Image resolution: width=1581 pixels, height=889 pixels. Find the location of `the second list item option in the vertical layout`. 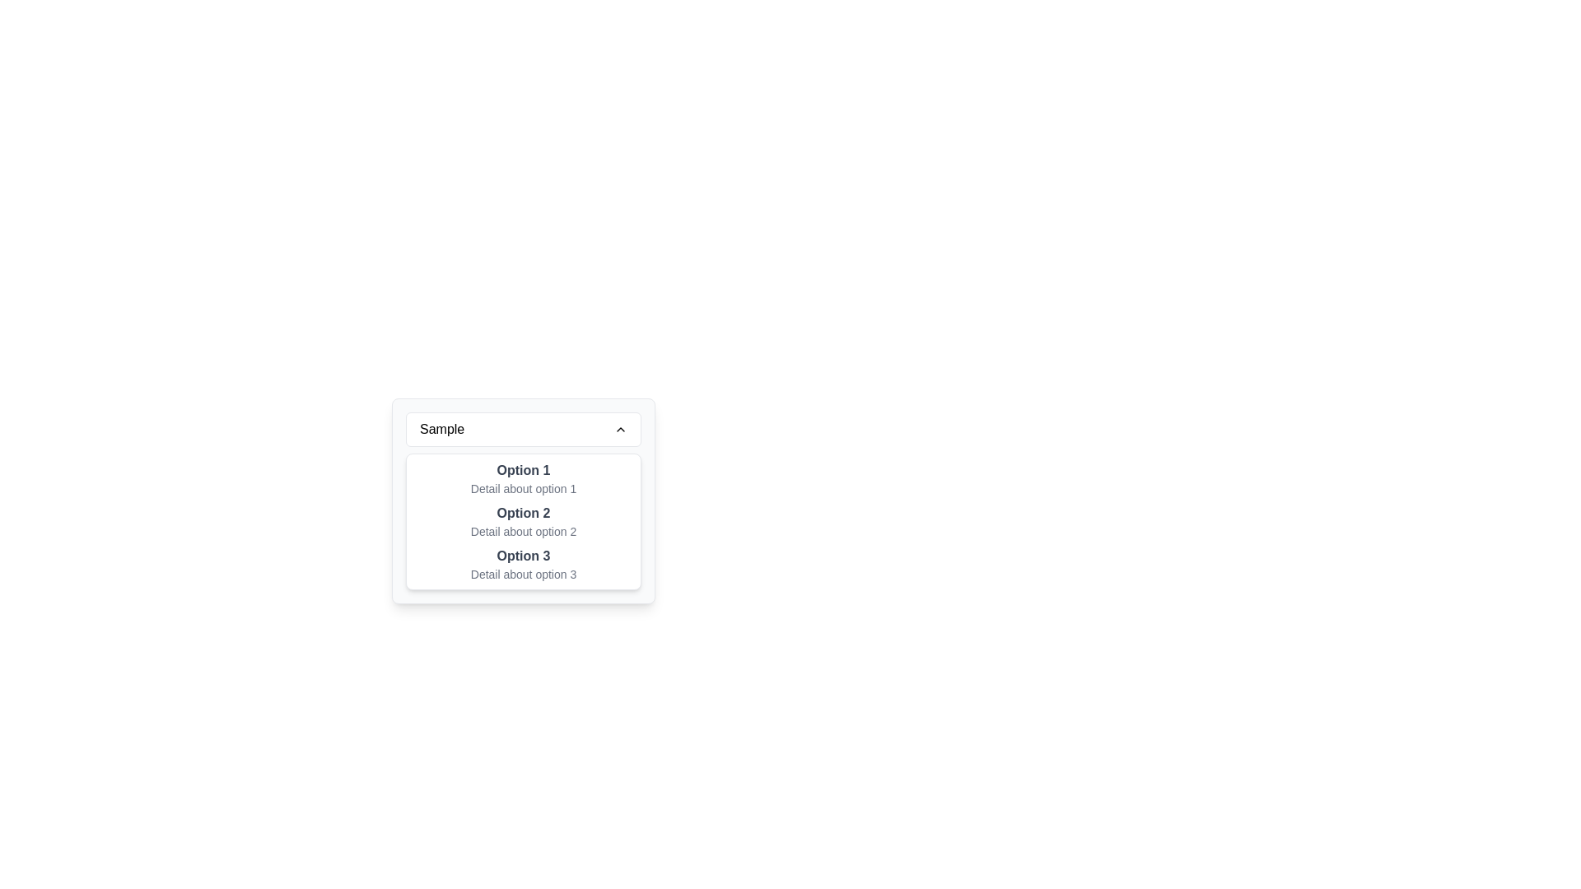

the second list item option in the vertical layout is located at coordinates (522, 521).